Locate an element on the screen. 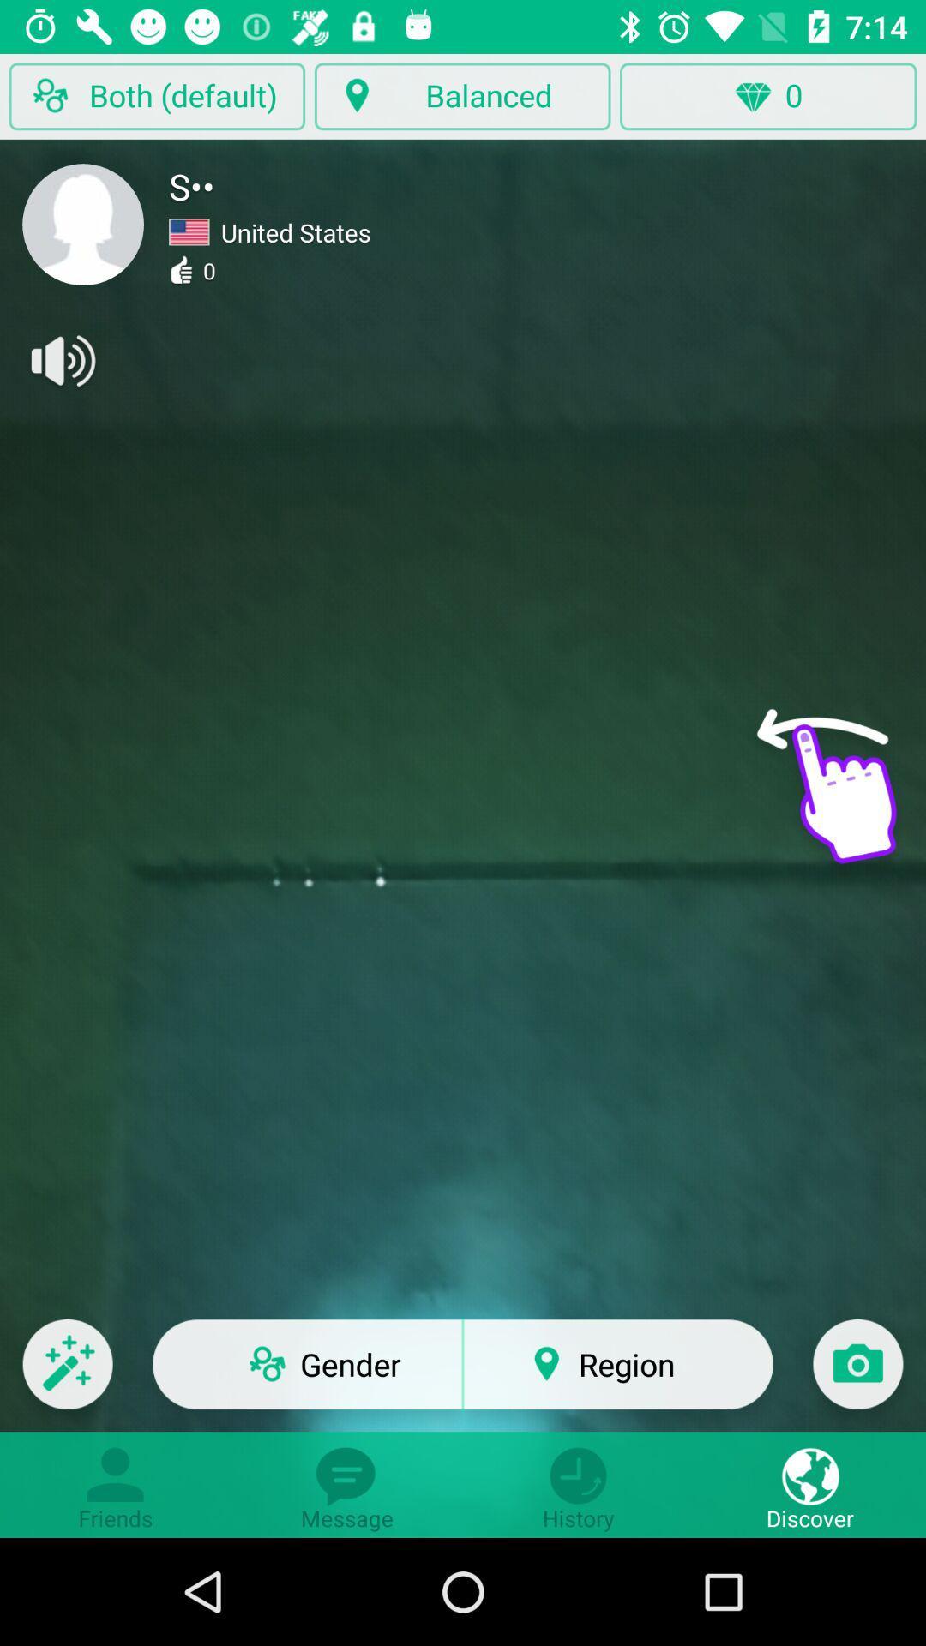 The image size is (926, 1646). the avatar icon is located at coordinates (83, 224).